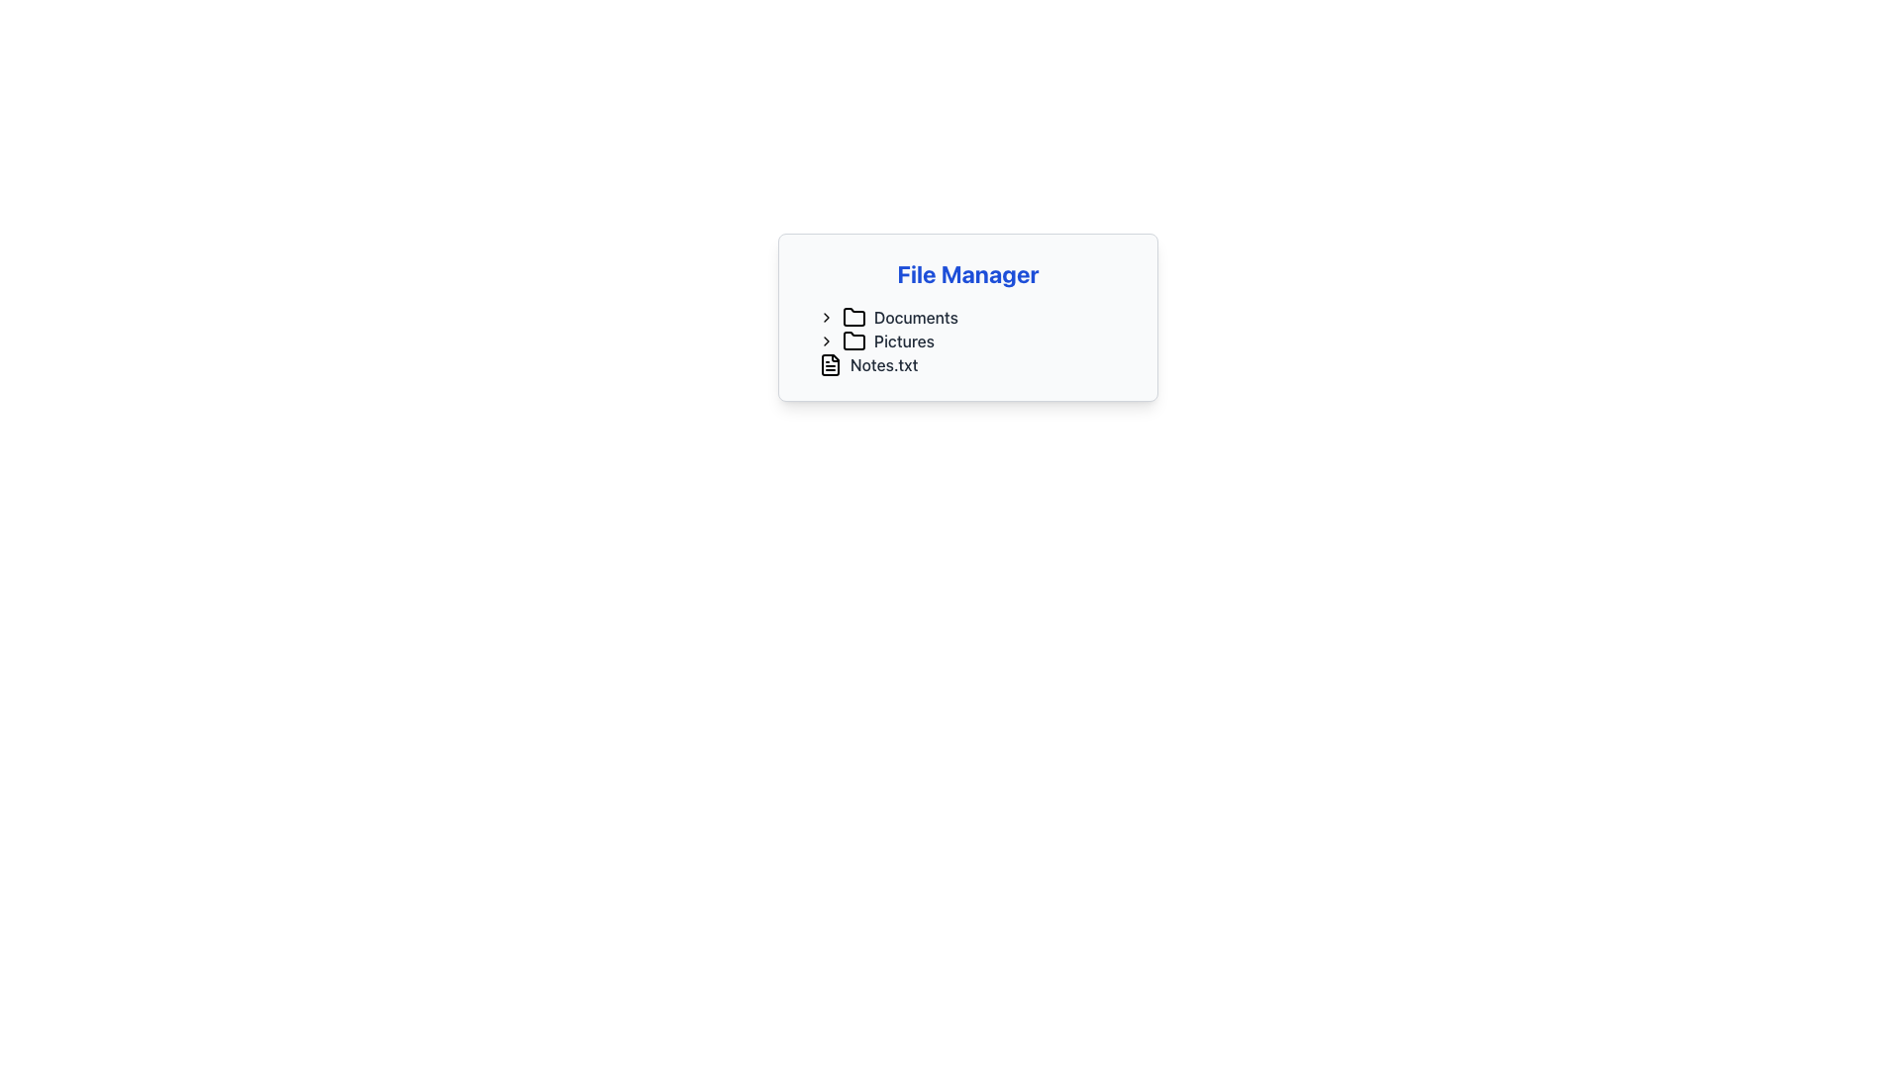 This screenshot has height=1069, width=1901. Describe the element at coordinates (854, 340) in the screenshot. I see `the folder icon with a thin black outline located to the left of the 'Pictures' text label in the File Manager section` at that location.